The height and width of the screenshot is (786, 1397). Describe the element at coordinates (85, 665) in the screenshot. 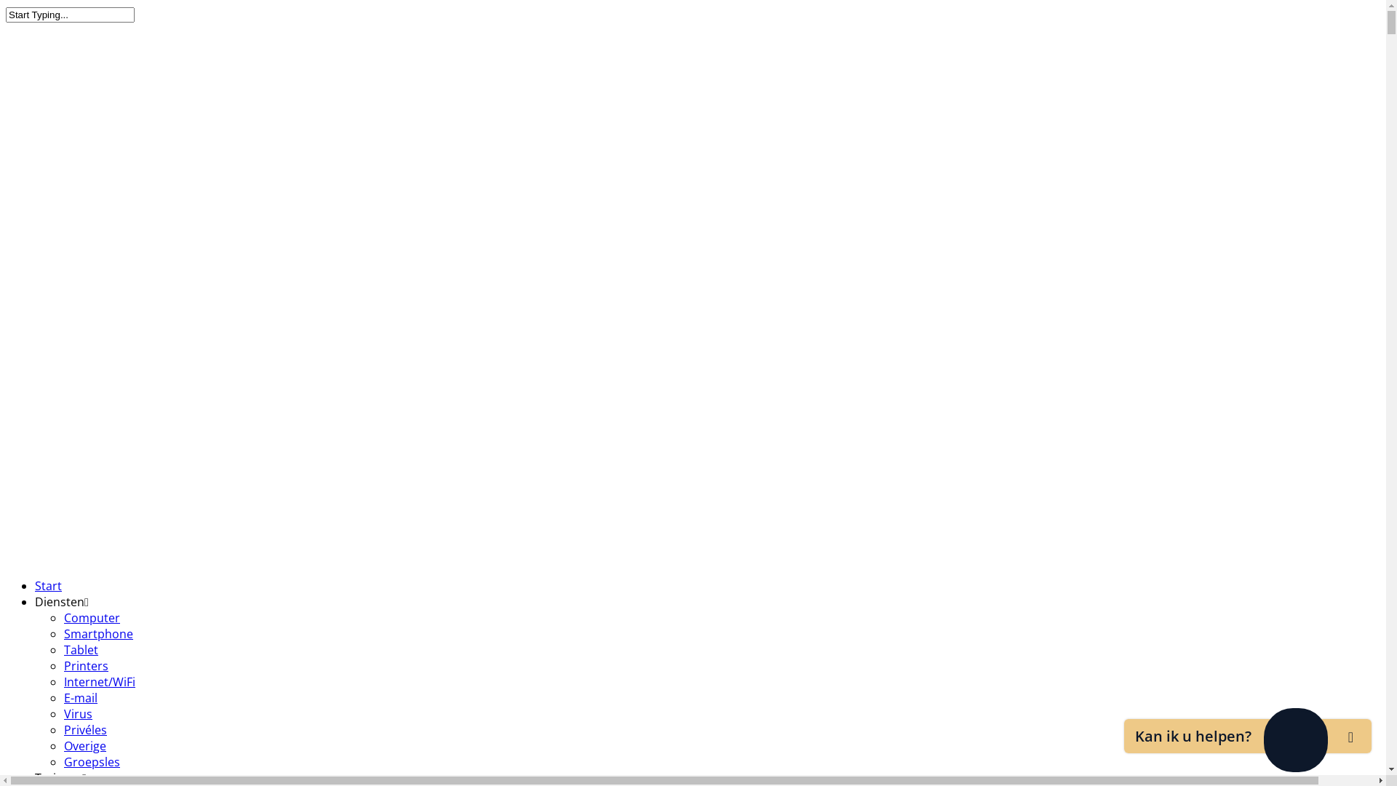

I see `'Printers'` at that location.